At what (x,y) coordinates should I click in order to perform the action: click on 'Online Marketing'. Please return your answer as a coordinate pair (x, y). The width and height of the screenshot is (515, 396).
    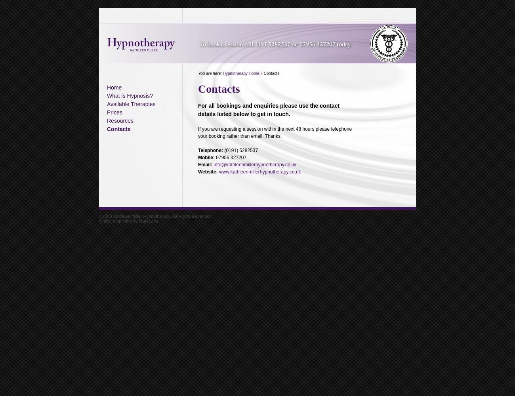
    Looking at the image, I should click on (115, 221).